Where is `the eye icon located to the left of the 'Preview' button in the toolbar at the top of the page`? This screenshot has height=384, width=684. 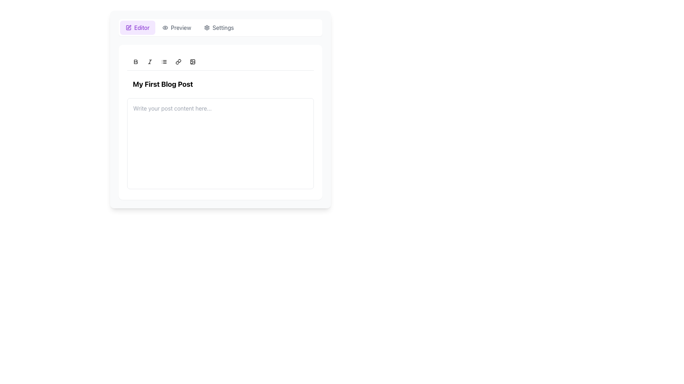
the eye icon located to the left of the 'Preview' button in the toolbar at the top of the page is located at coordinates (165, 27).